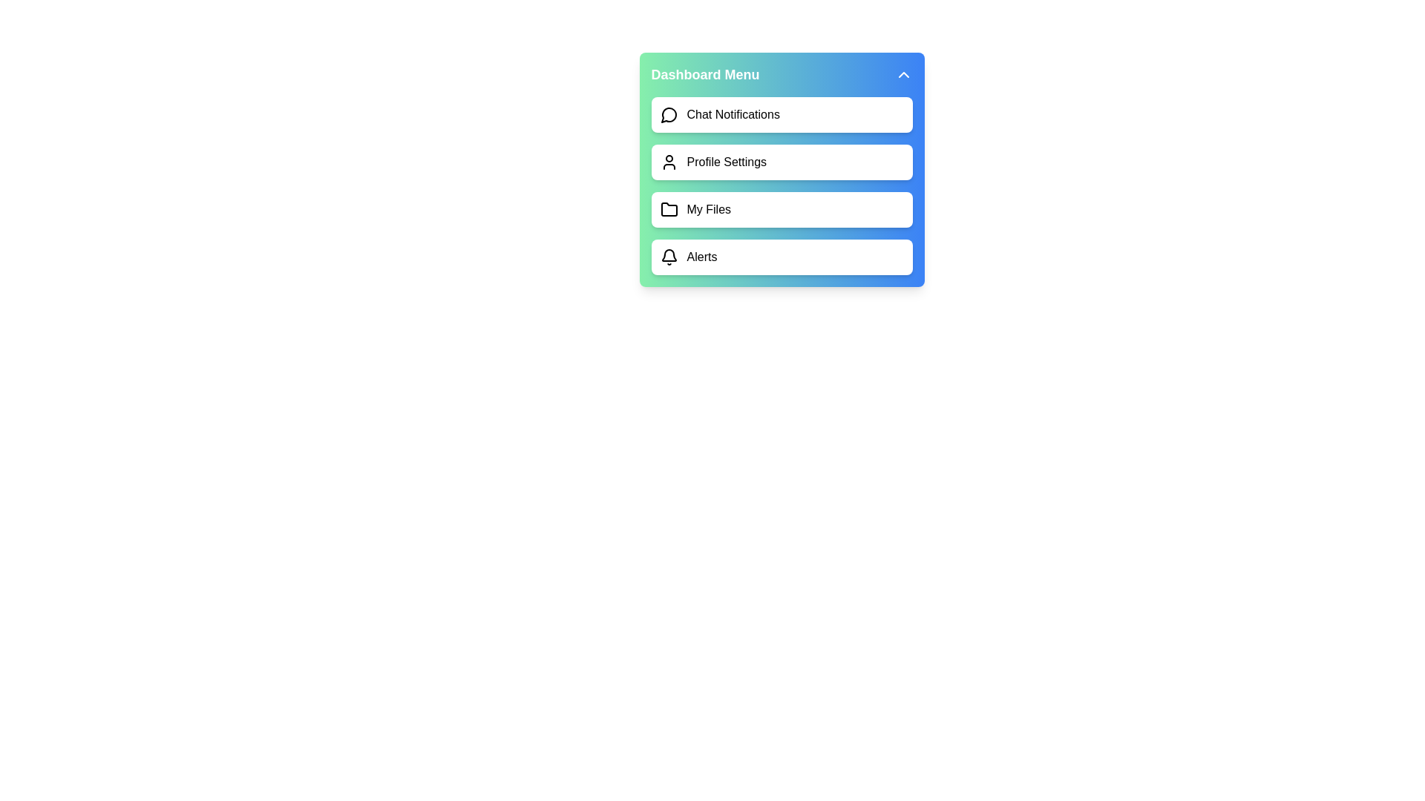 The height and width of the screenshot is (801, 1425). Describe the element at coordinates (781, 162) in the screenshot. I see `the menu item Profile Settings to observe its hover effect` at that location.